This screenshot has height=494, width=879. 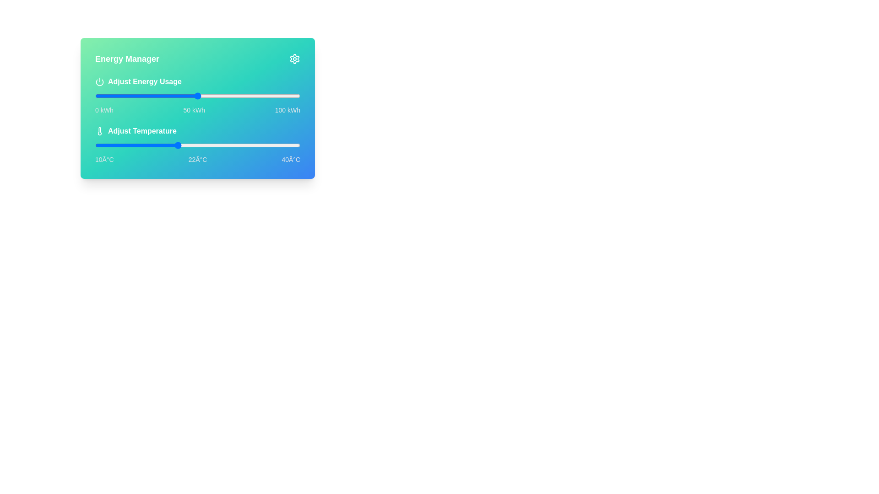 I want to click on the temperature to 14°C using the slider, so click(x=122, y=145).